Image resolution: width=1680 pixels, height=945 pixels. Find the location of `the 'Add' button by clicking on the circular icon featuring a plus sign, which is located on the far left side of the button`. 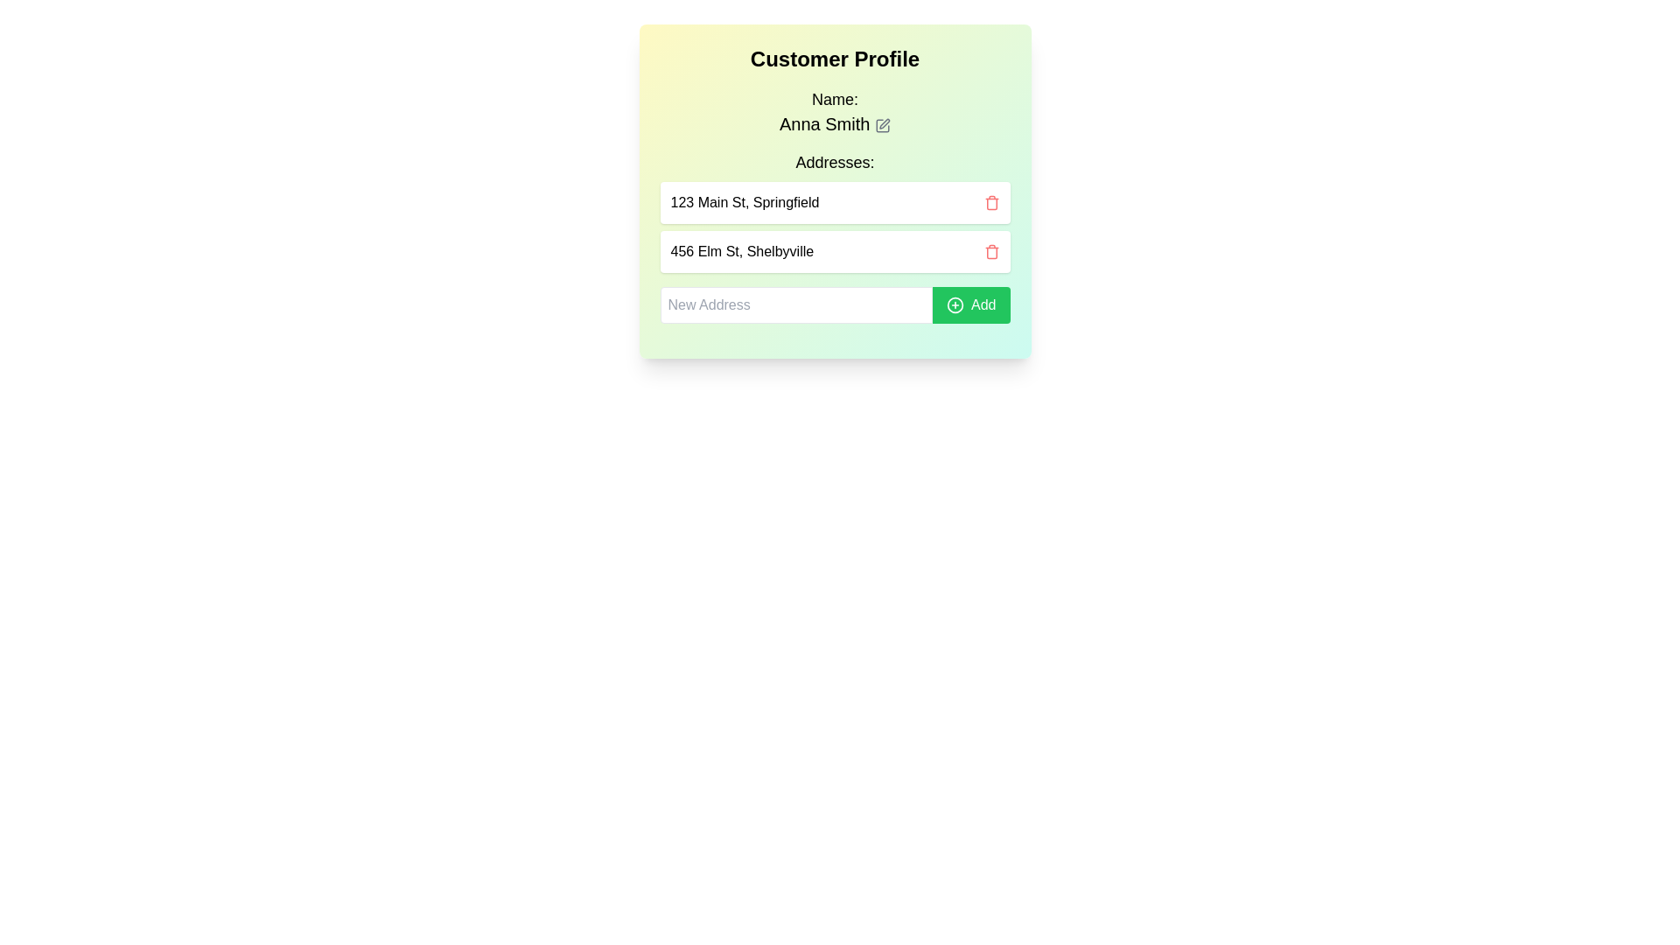

the 'Add' button by clicking on the circular icon featuring a plus sign, which is located on the far left side of the button is located at coordinates (955, 304).